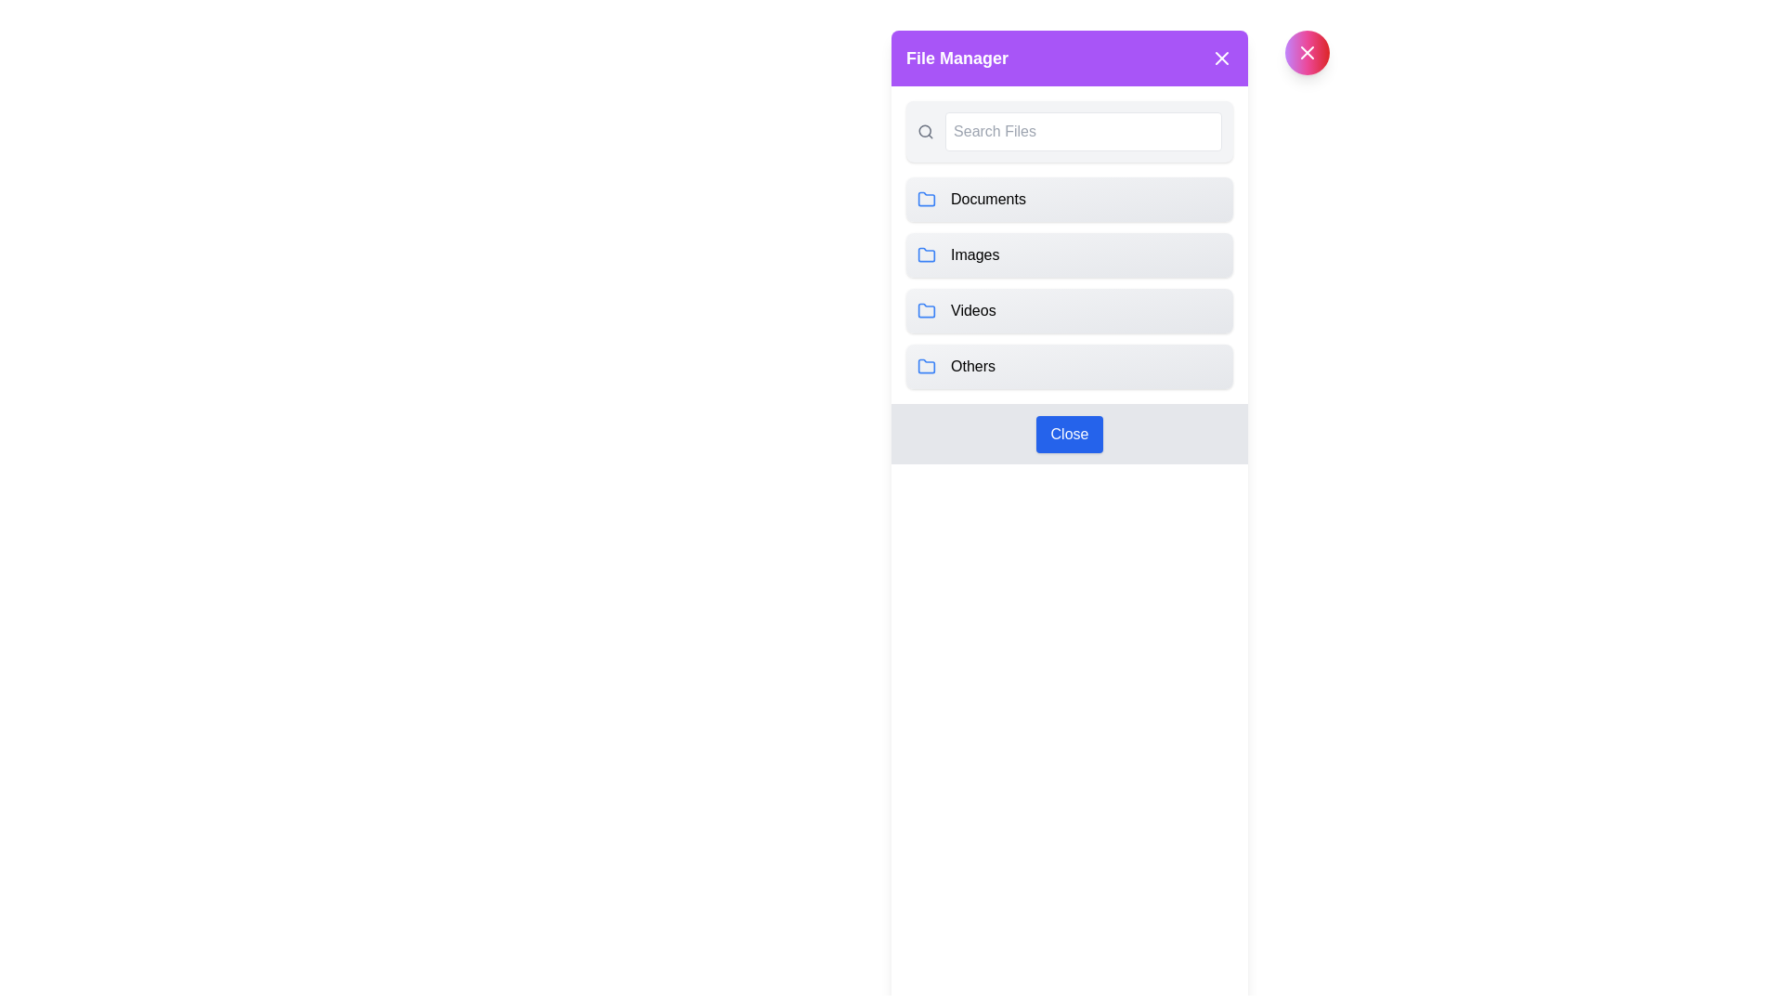  I want to click on the folder icon with a blue outline located to the left of the 'Images' label in the second row of the menu, so click(927, 254).